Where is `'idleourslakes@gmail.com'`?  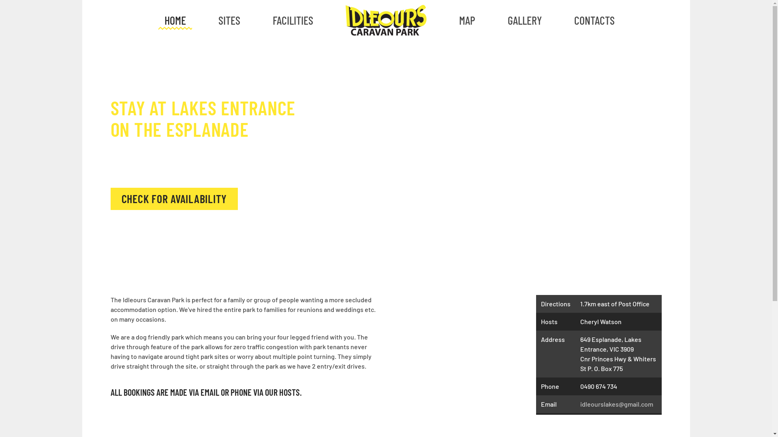 'idleourslakes@gmail.com' is located at coordinates (616, 404).